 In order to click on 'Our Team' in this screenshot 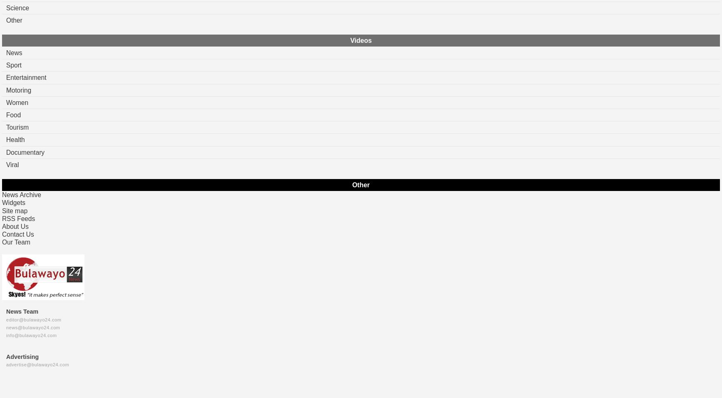, I will do `click(16, 242)`.